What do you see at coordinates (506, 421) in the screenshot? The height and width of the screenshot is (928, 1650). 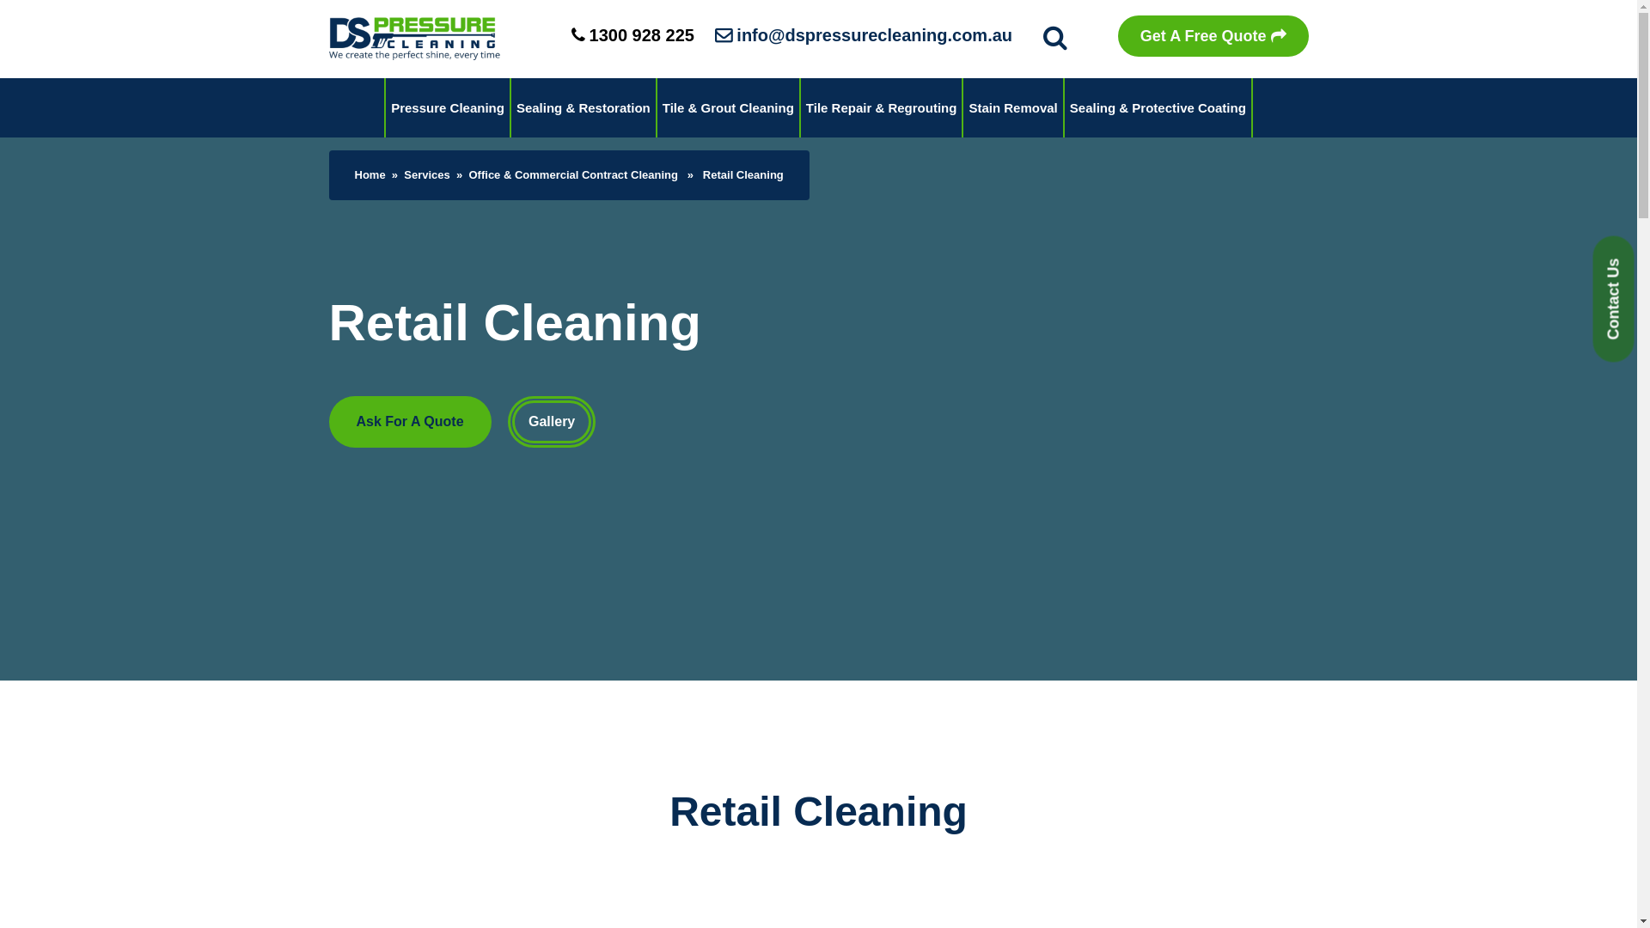 I see `'Gallery'` at bounding box center [506, 421].